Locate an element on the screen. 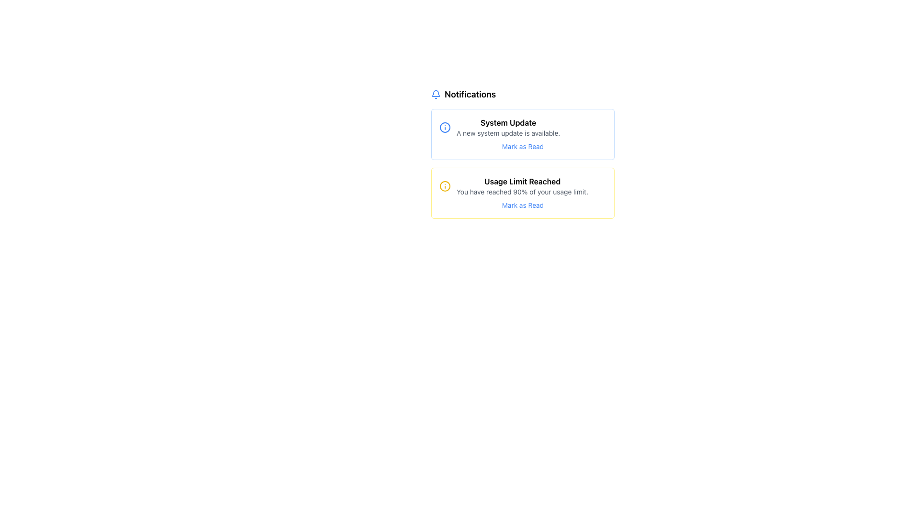 The width and height of the screenshot is (919, 516). the blue bell-shaped icon located to the left of the text 'Notifications' in the header section, as it may be interactive is located at coordinates (436, 94).